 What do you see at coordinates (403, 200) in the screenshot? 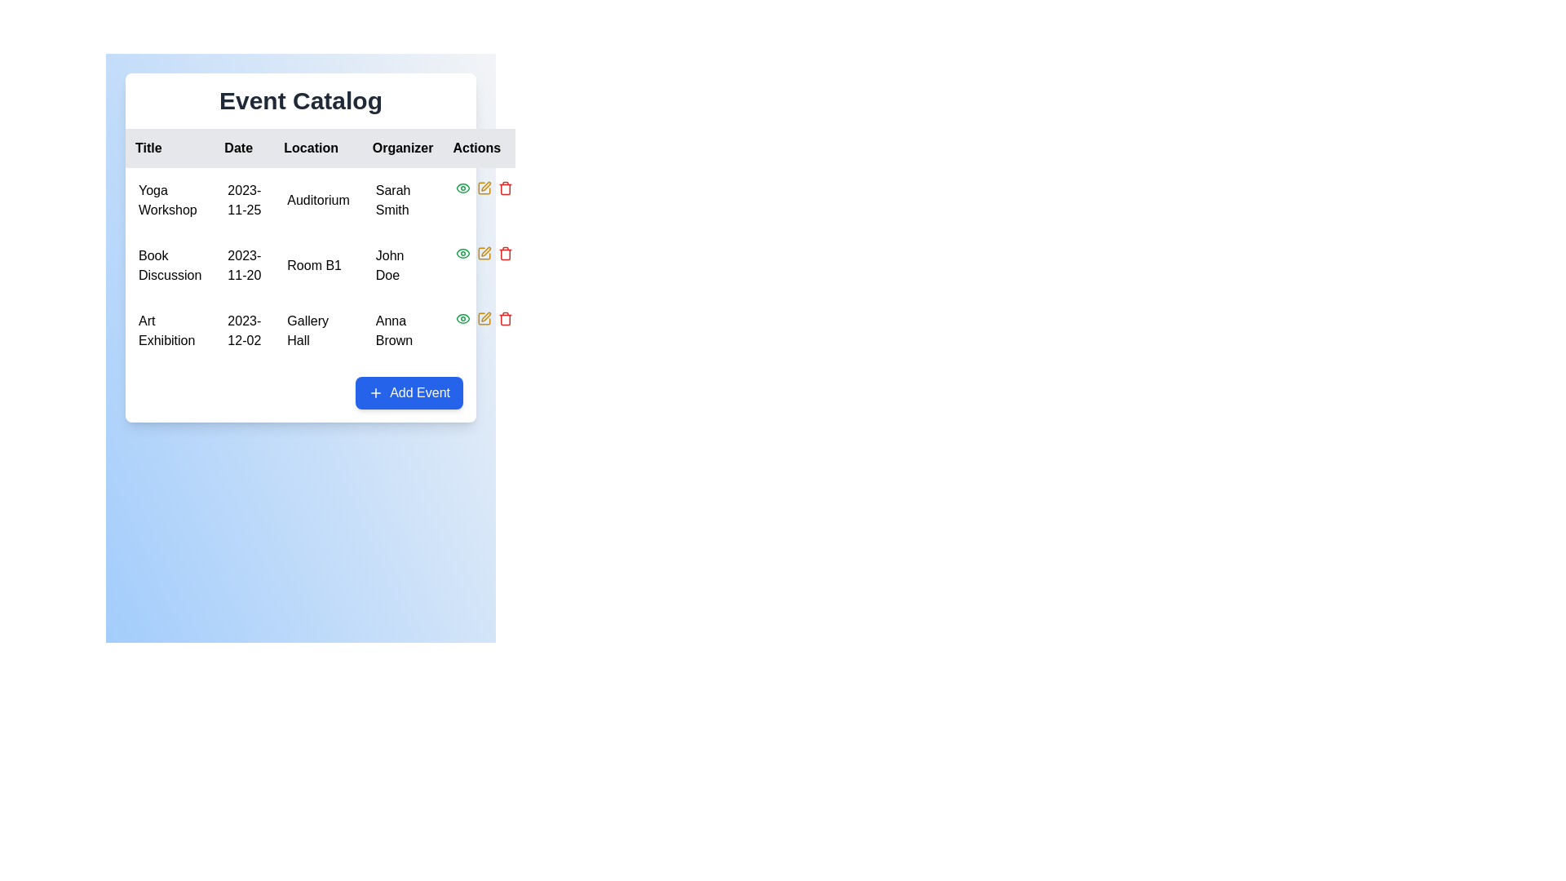
I see `the text displaying the name of the organizer for the 'Yoga Workshop' event, which is located in the fourth column of the first row in the event catalog table` at bounding box center [403, 200].